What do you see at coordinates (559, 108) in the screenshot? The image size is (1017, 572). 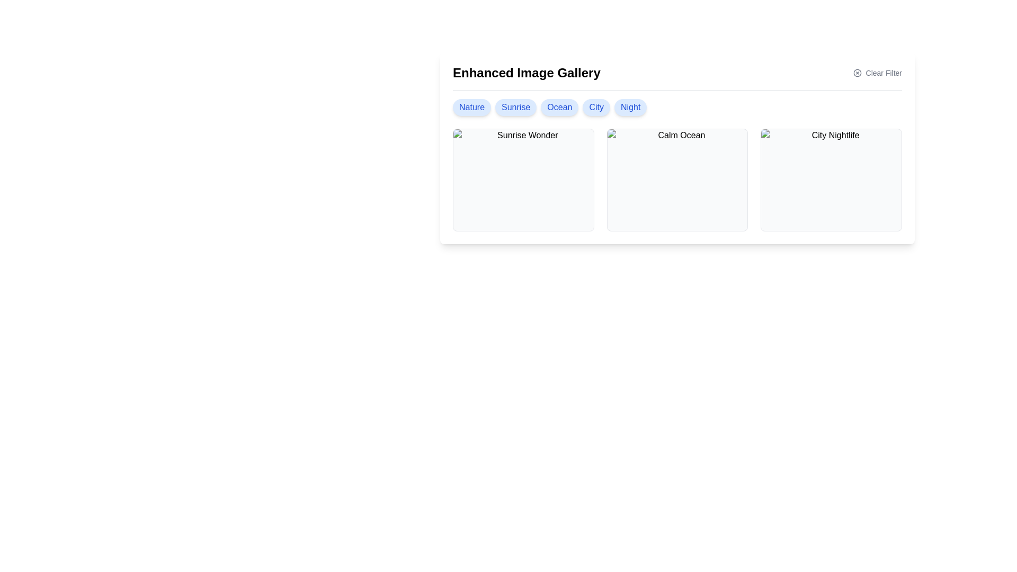 I see `the third tag in the Enhanced Image Gallery interface` at bounding box center [559, 108].